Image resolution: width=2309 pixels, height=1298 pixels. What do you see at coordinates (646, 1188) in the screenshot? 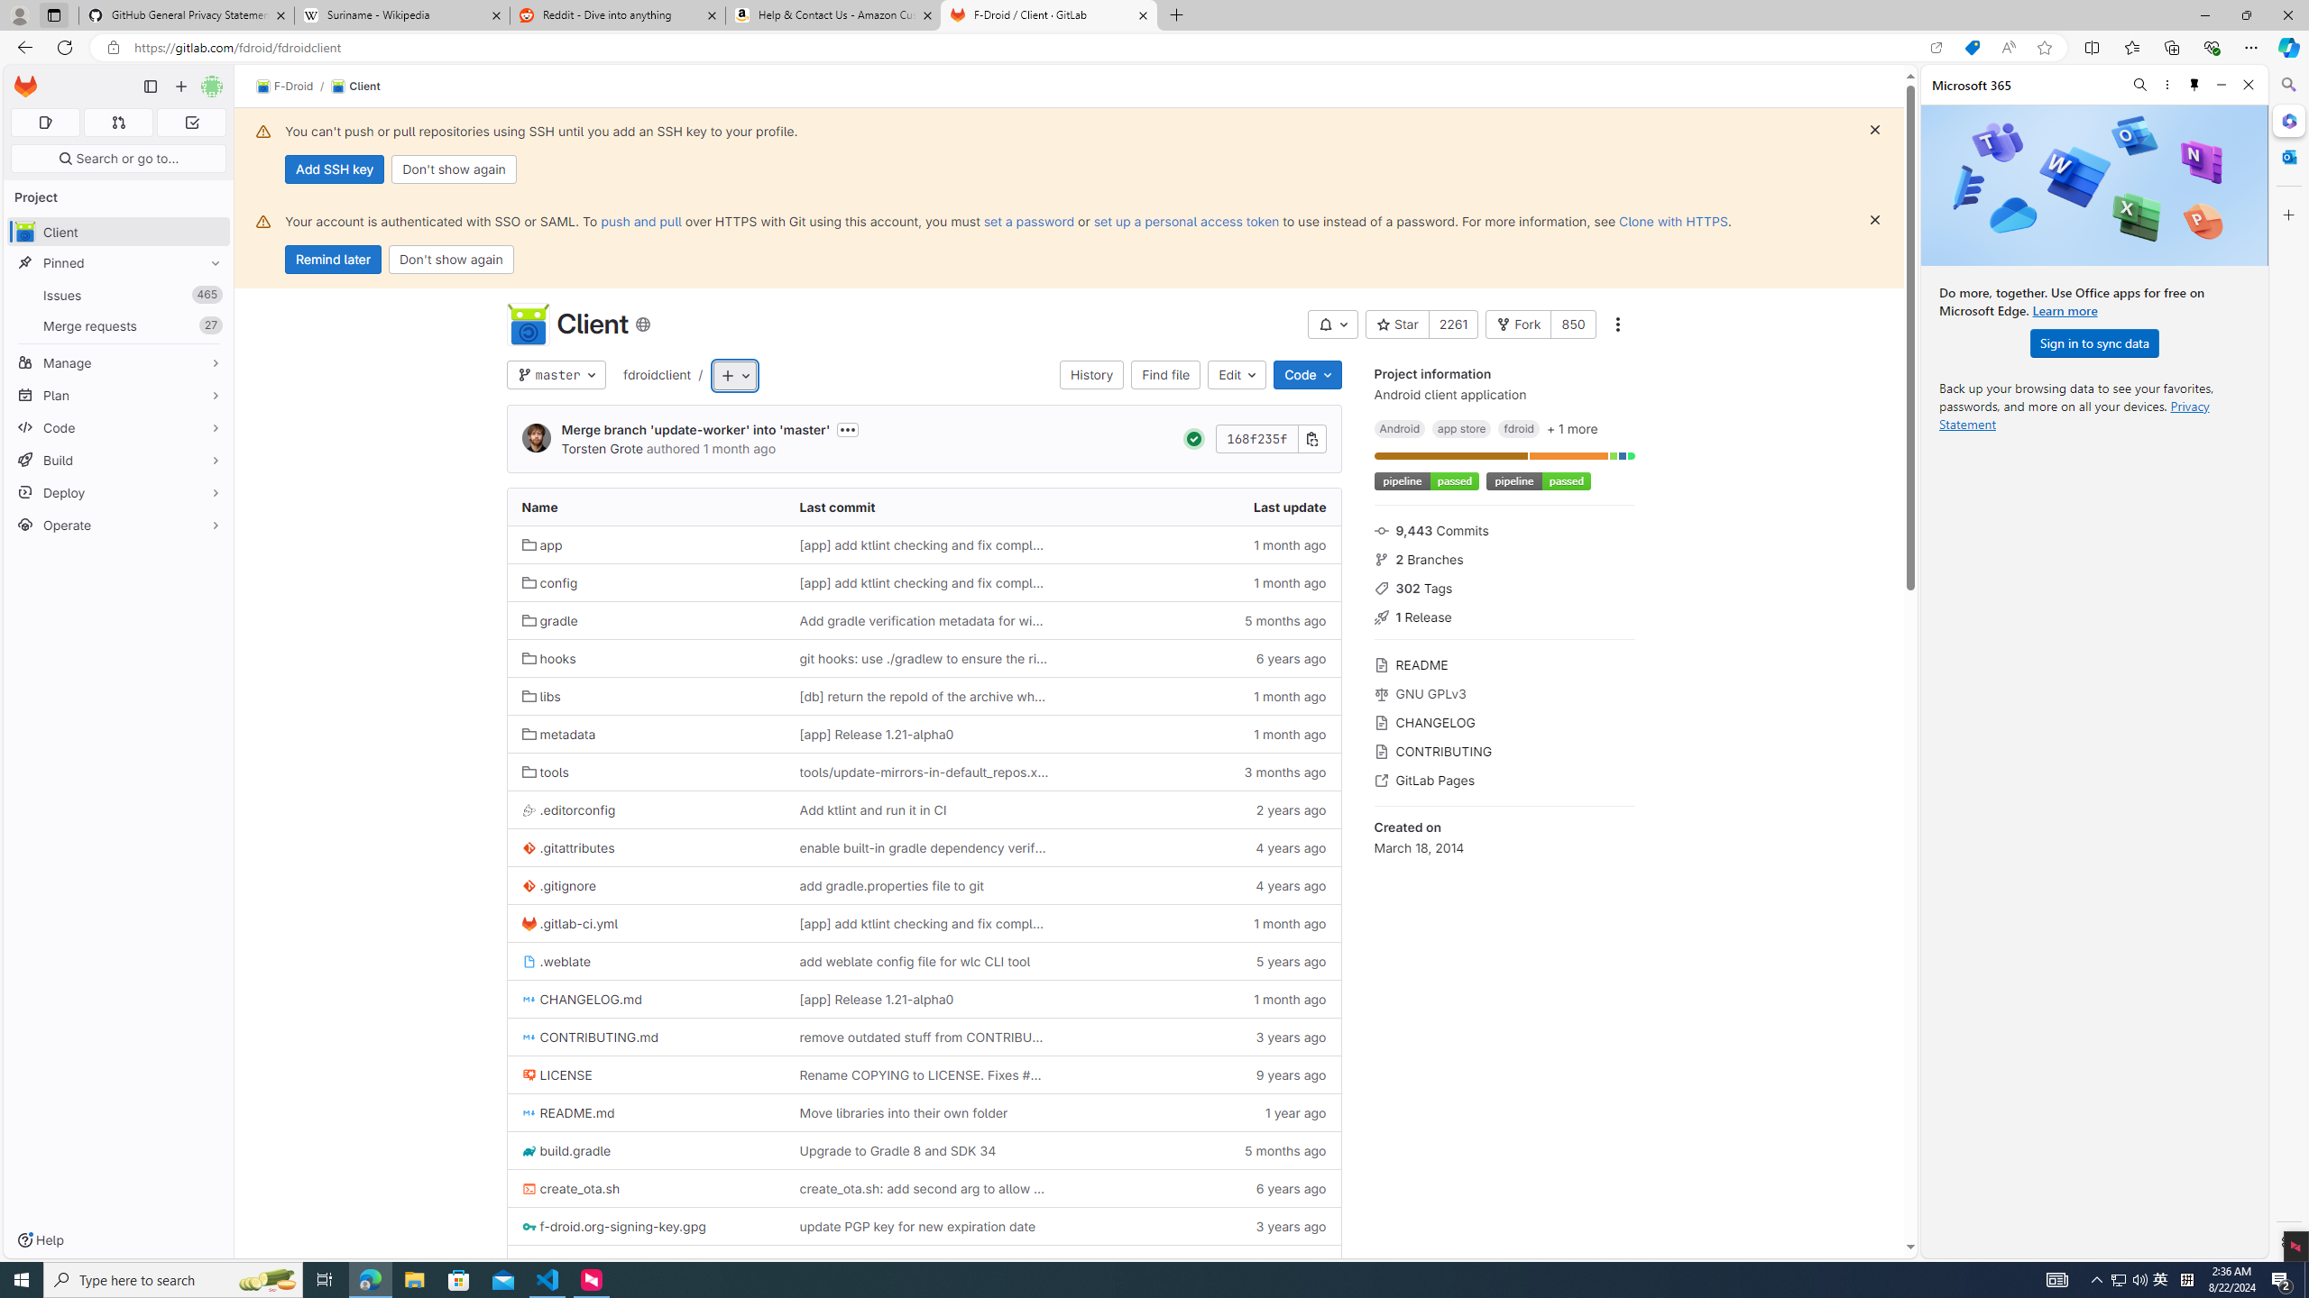
I see `'create_ota.sh'` at bounding box center [646, 1188].